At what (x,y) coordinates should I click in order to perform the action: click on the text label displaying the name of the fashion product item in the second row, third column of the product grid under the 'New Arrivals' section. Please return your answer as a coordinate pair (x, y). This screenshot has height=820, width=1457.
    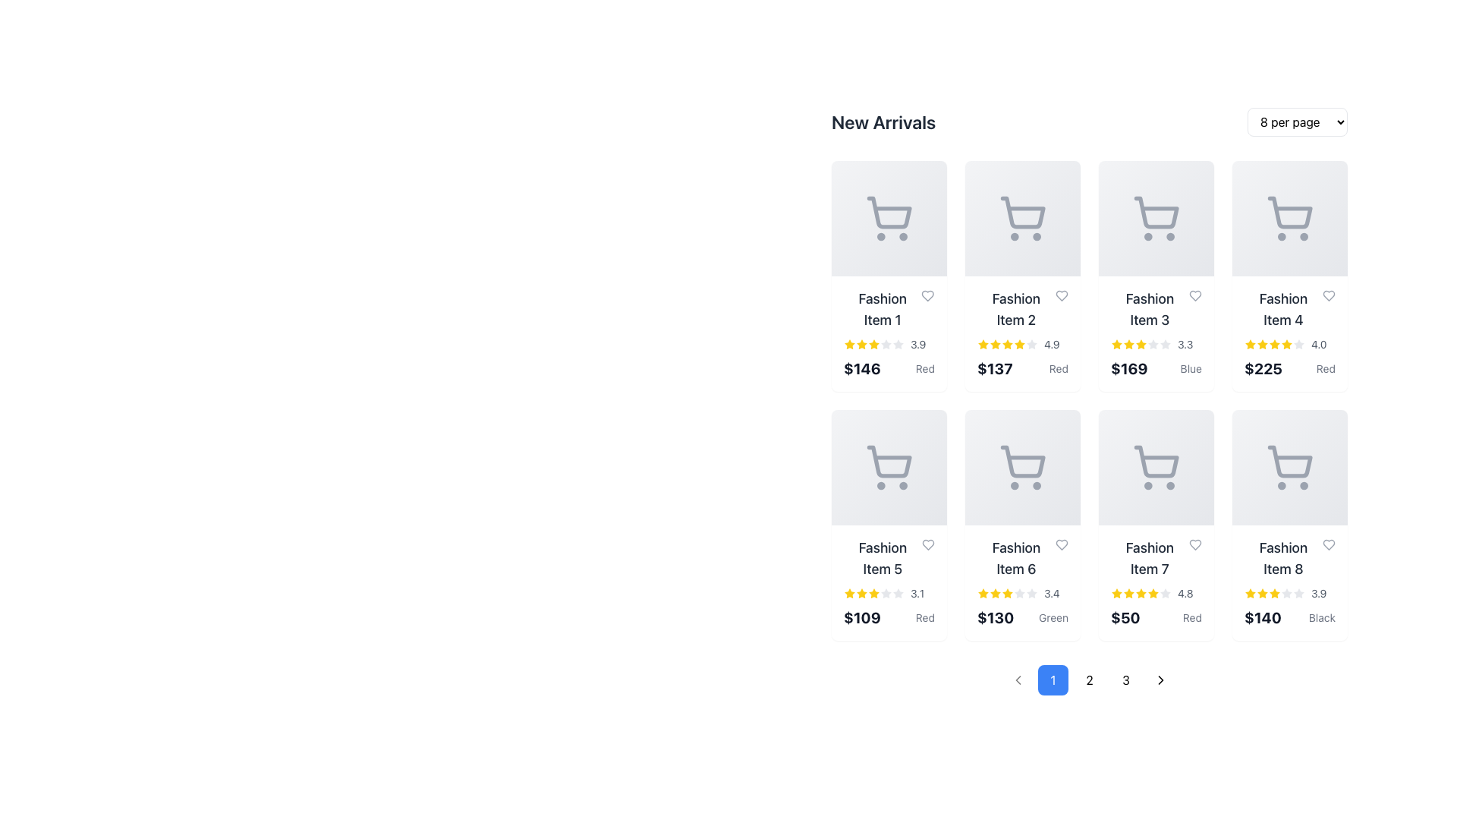
    Looking at the image, I should click on (1150, 559).